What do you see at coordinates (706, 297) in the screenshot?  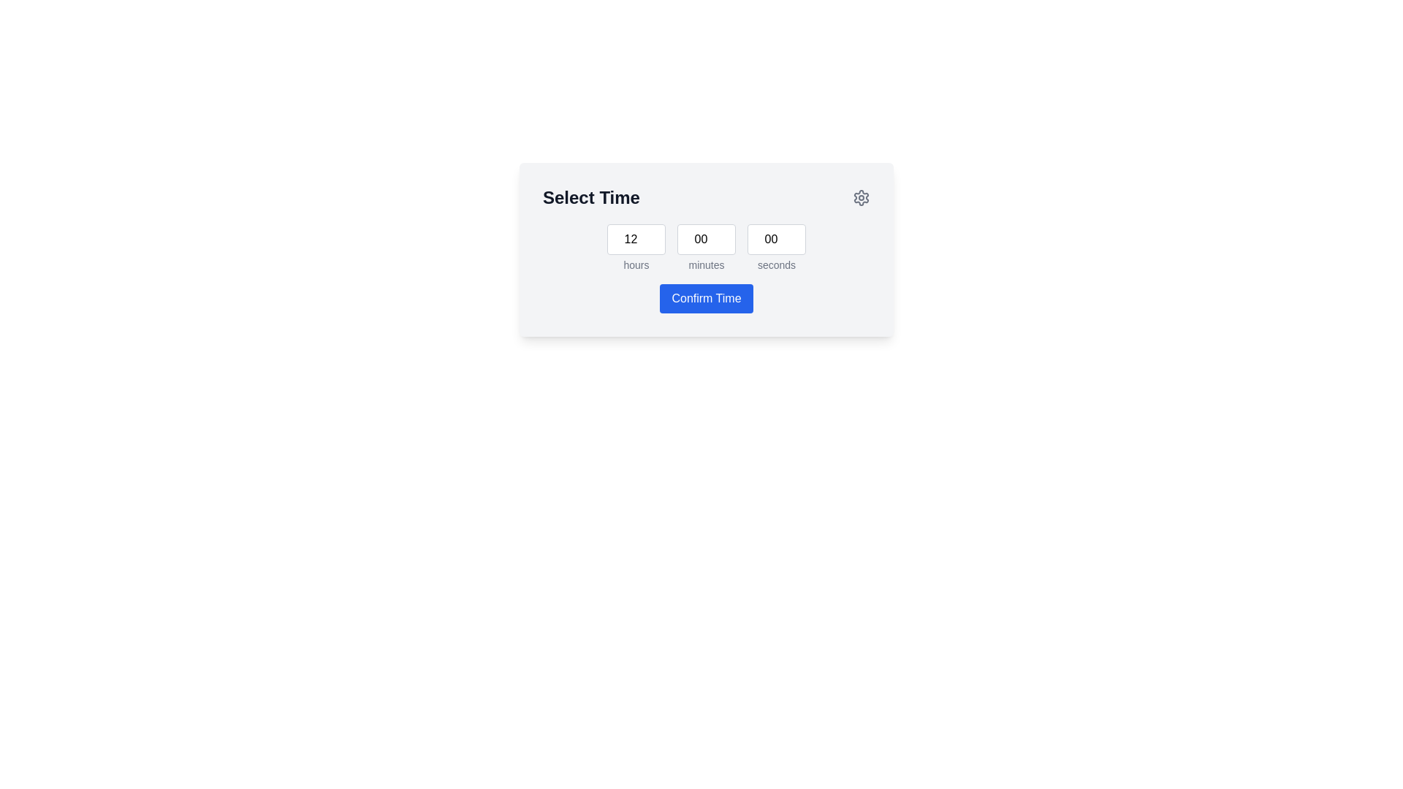 I see `the 'Confirm Time' button, which is a rectangular button with rounded edges, blue background, and white text, located centrally below the time input fields` at bounding box center [706, 297].